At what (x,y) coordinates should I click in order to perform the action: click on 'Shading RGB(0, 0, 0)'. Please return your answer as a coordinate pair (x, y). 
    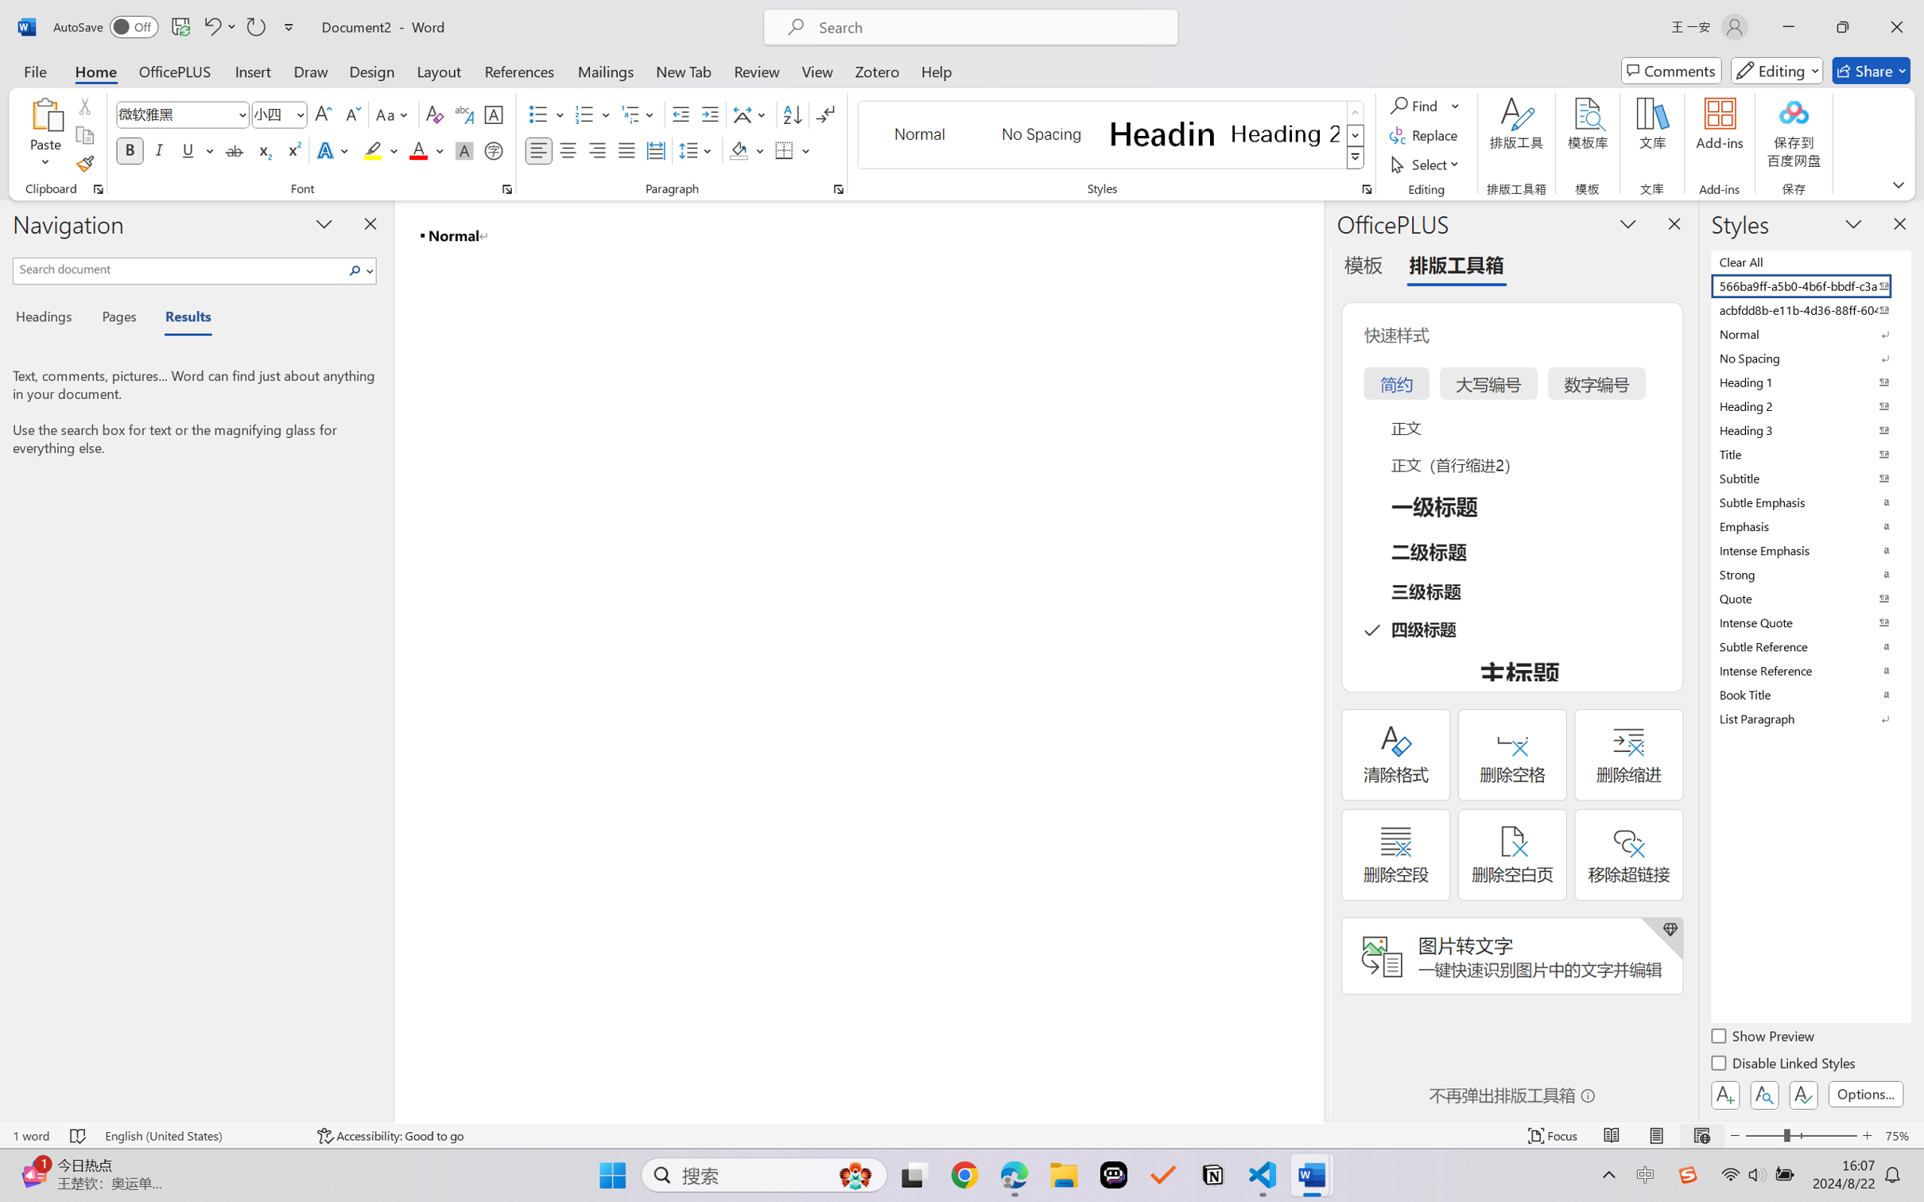
    Looking at the image, I should click on (738, 149).